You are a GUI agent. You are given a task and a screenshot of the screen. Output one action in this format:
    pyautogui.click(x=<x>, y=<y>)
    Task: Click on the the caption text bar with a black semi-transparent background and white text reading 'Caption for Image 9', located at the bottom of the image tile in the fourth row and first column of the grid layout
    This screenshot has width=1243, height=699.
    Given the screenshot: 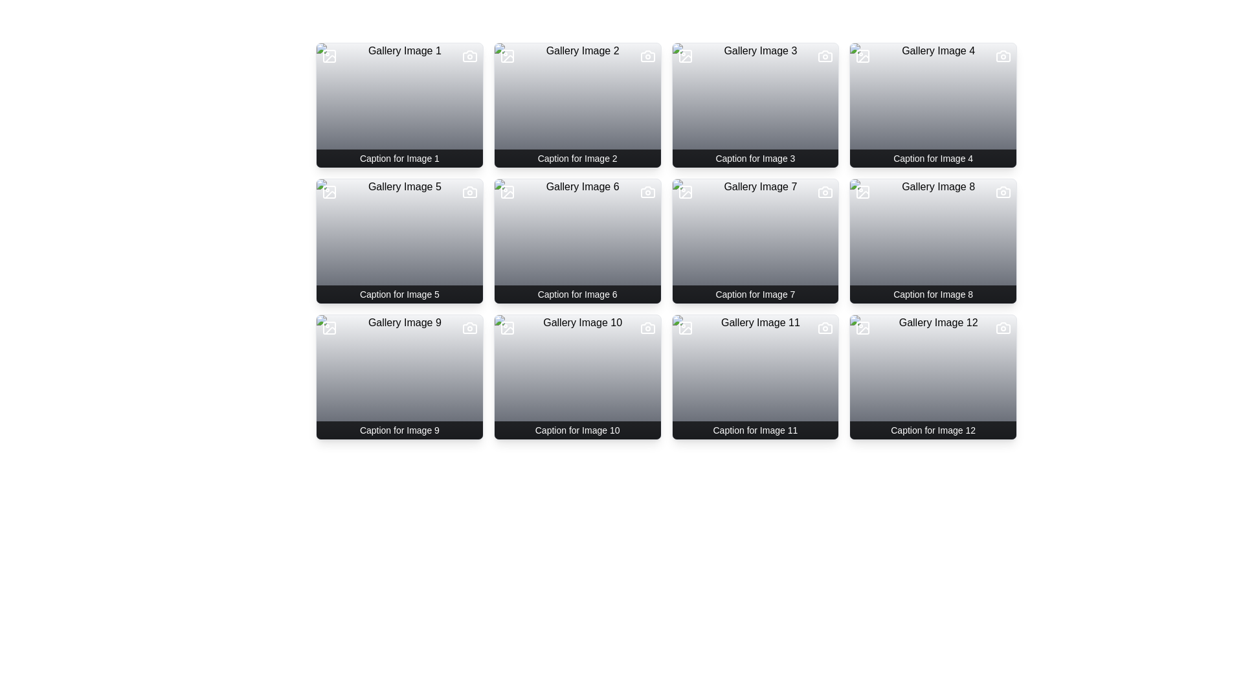 What is the action you would take?
    pyautogui.click(x=399, y=430)
    